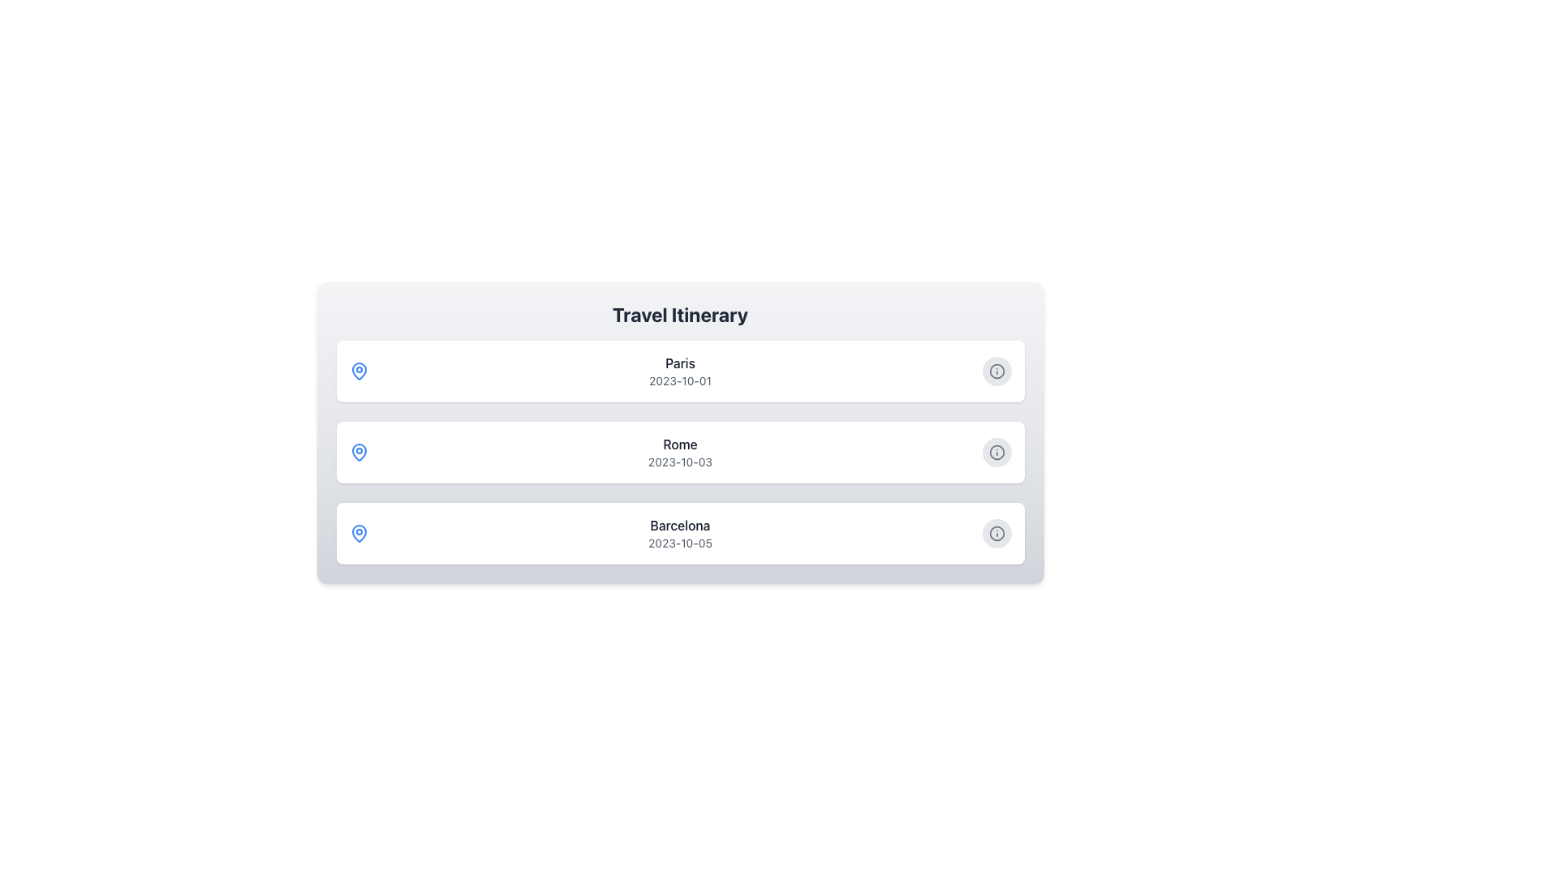 The width and height of the screenshot is (1558, 876). I want to click on the information icon represented by a circle located to the right of the 'Rome' itinerary entry in the vertical list, so click(996, 453).